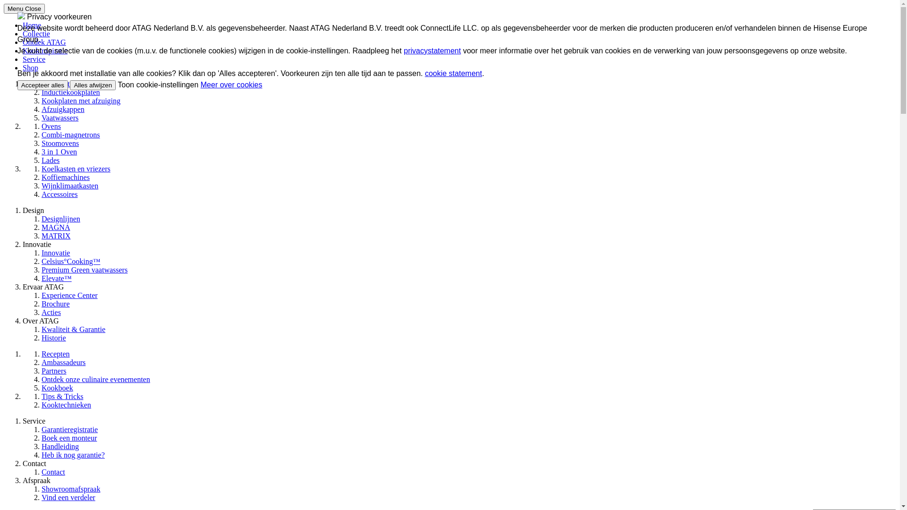 This screenshot has width=907, height=510. Describe the element at coordinates (65, 177) in the screenshot. I see `'Koffiemachines'` at that location.